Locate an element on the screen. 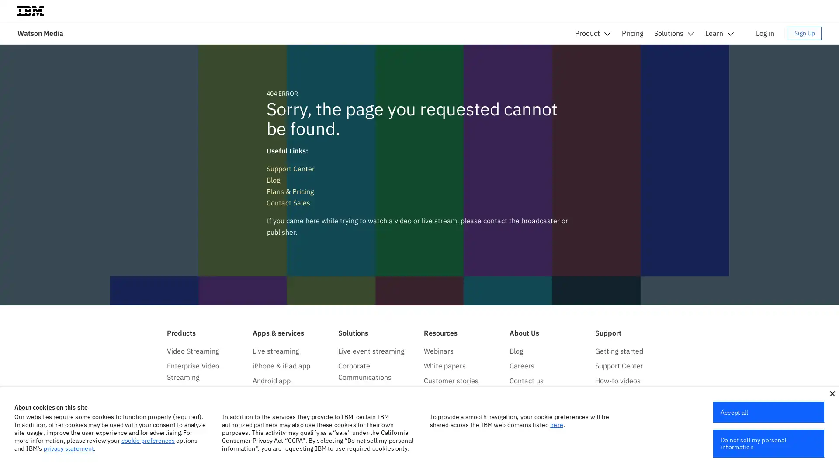 The image size is (839, 472). Accept all is located at coordinates (768, 412).